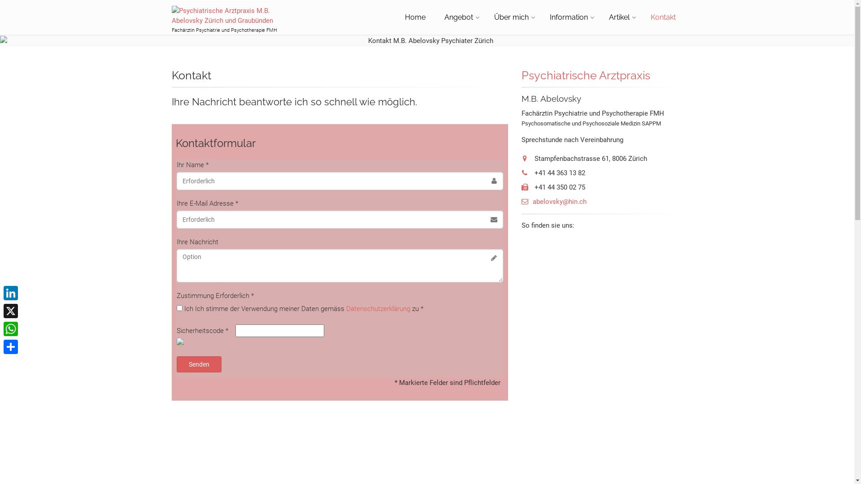  What do you see at coordinates (414, 17) in the screenshot?
I see `'Home'` at bounding box center [414, 17].